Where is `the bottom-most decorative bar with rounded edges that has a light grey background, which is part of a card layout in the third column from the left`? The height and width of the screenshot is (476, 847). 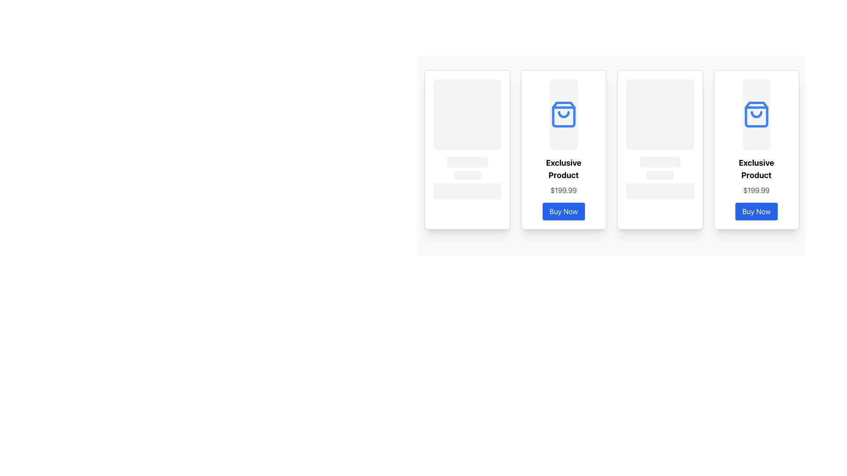 the bottom-most decorative bar with rounded edges that has a light grey background, which is part of a card layout in the third column from the left is located at coordinates (660, 191).